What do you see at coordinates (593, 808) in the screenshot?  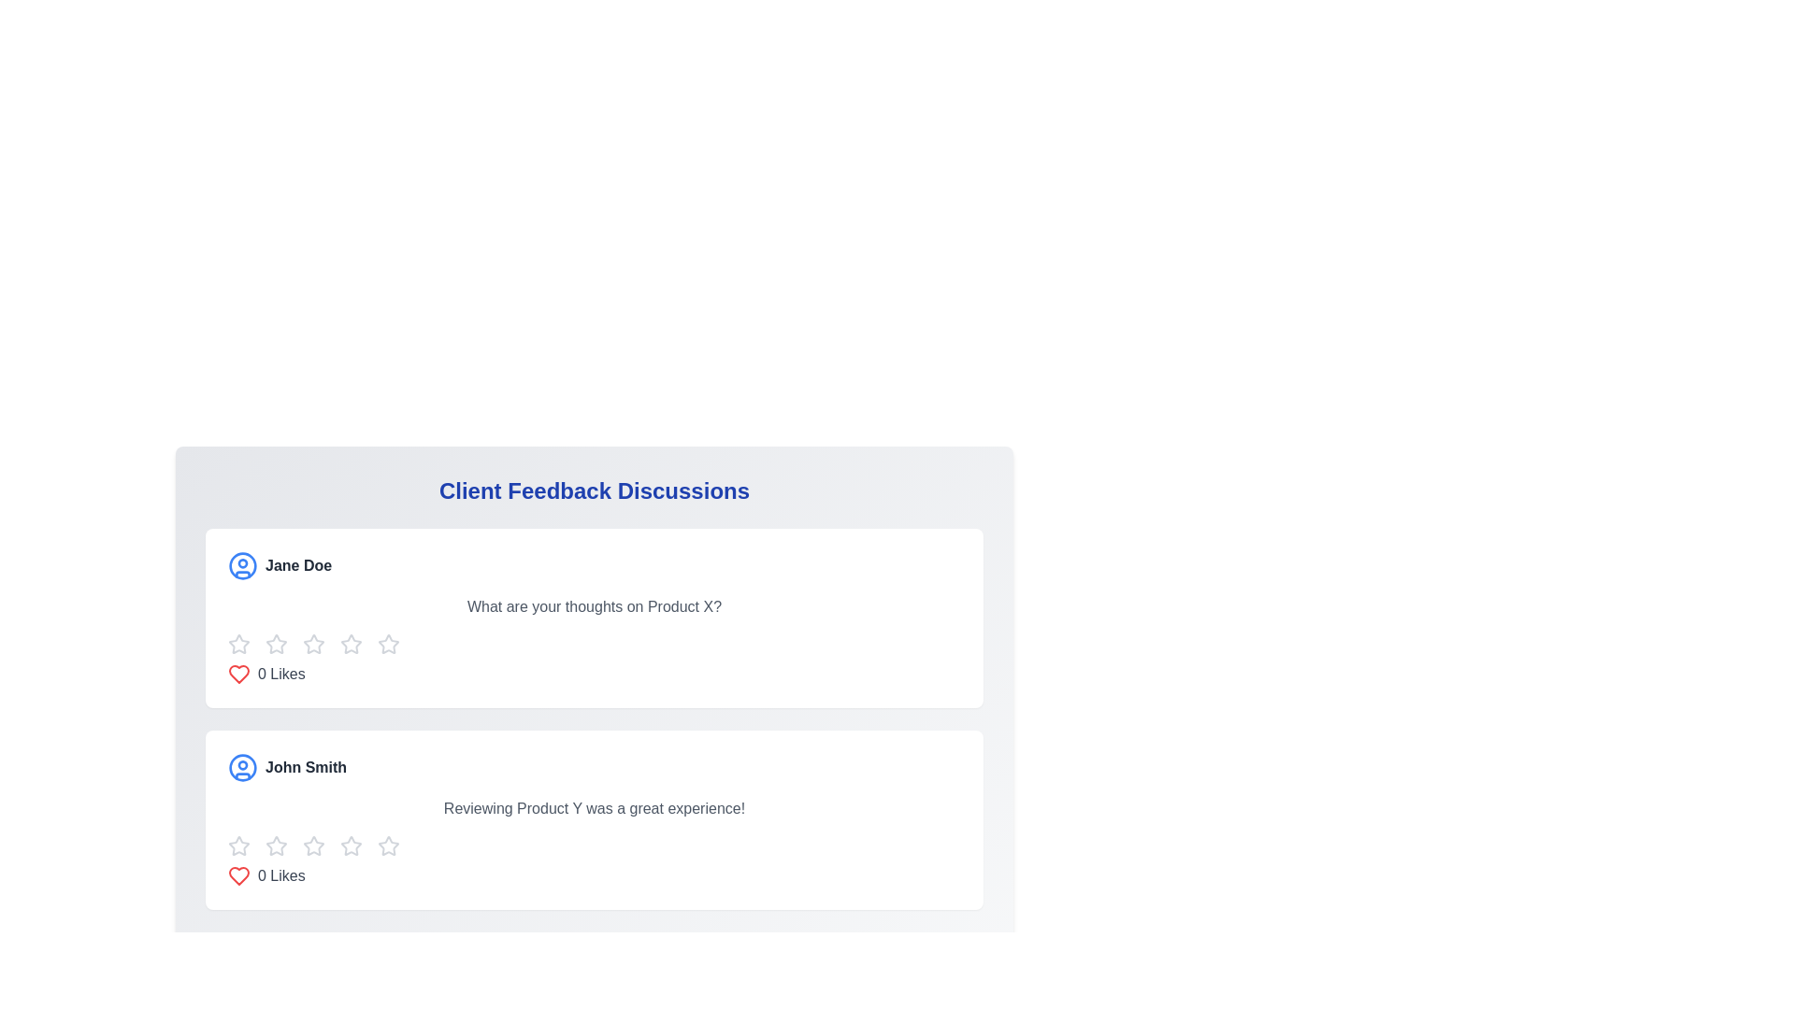 I see `text content of the text label that states 'Reviewing Product Y was a great experience!', located centrally below the name 'John Smith'` at bounding box center [593, 808].